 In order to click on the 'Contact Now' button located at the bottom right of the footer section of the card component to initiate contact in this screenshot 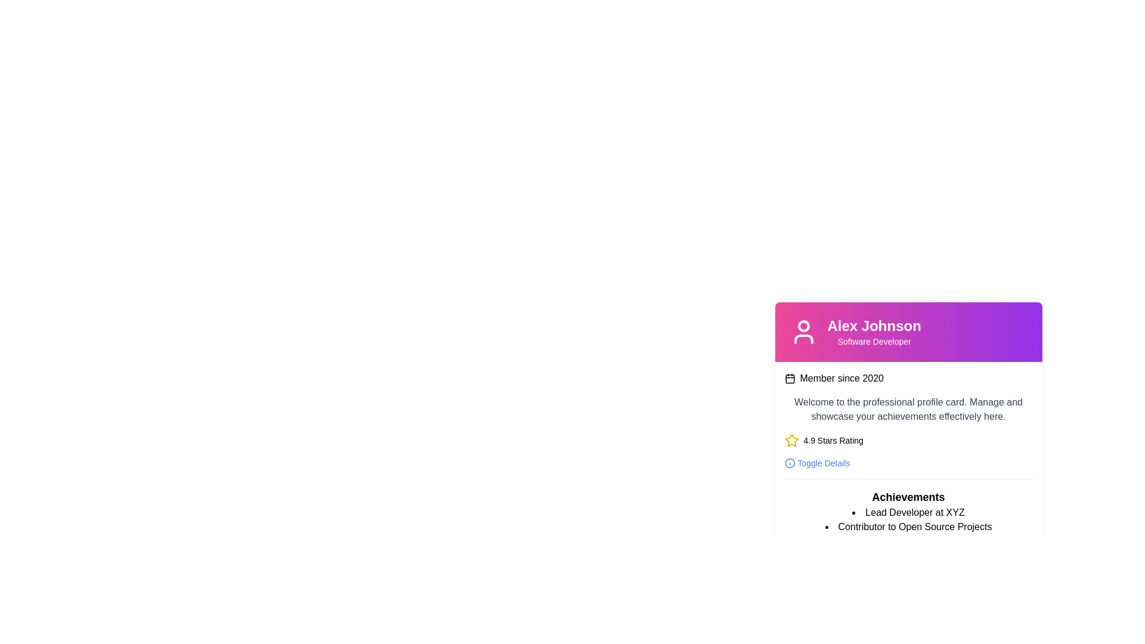, I will do `click(995, 579)`.